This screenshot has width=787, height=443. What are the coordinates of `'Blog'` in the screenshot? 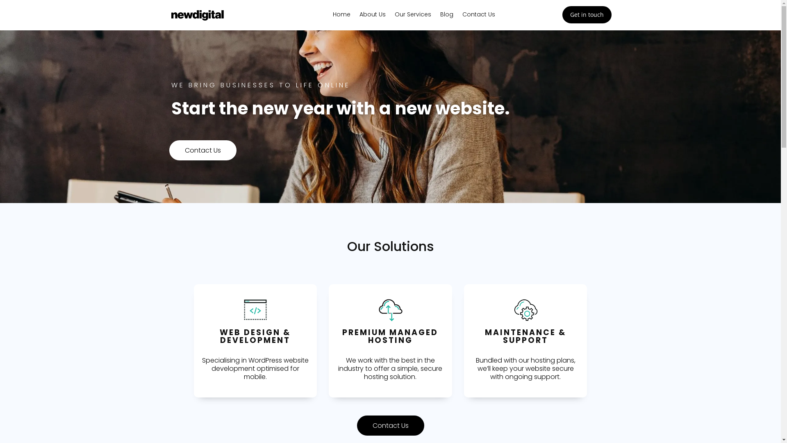 It's located at (446, 16).